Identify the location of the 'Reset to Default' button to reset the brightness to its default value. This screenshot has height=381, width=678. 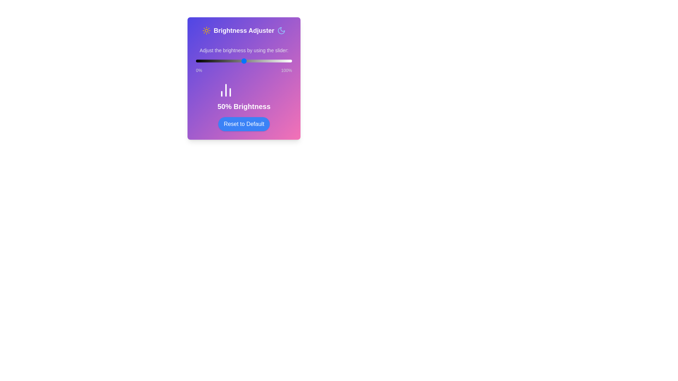
(244, 123).